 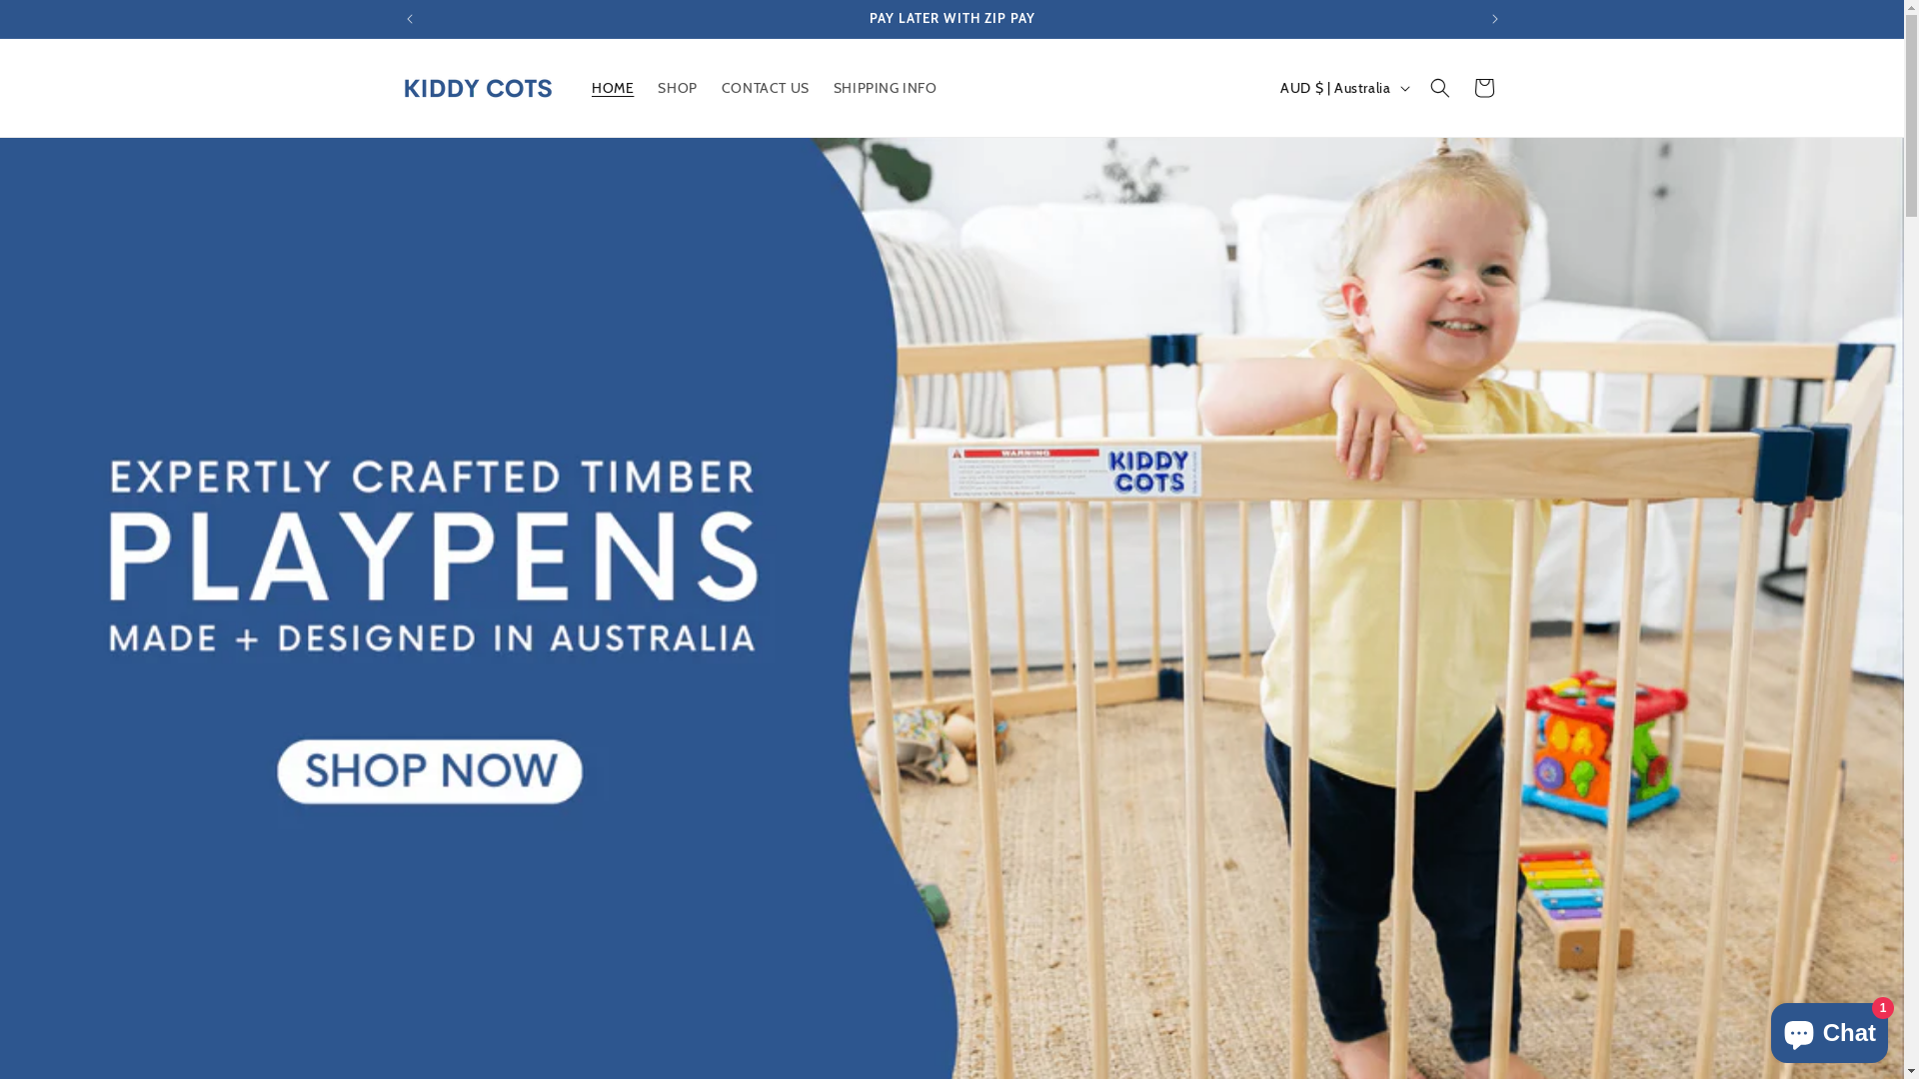 What do you see at coordinates (710, 87) in the screenshot?
I see `'CONTACT US'` at bounding box center [710, 87].